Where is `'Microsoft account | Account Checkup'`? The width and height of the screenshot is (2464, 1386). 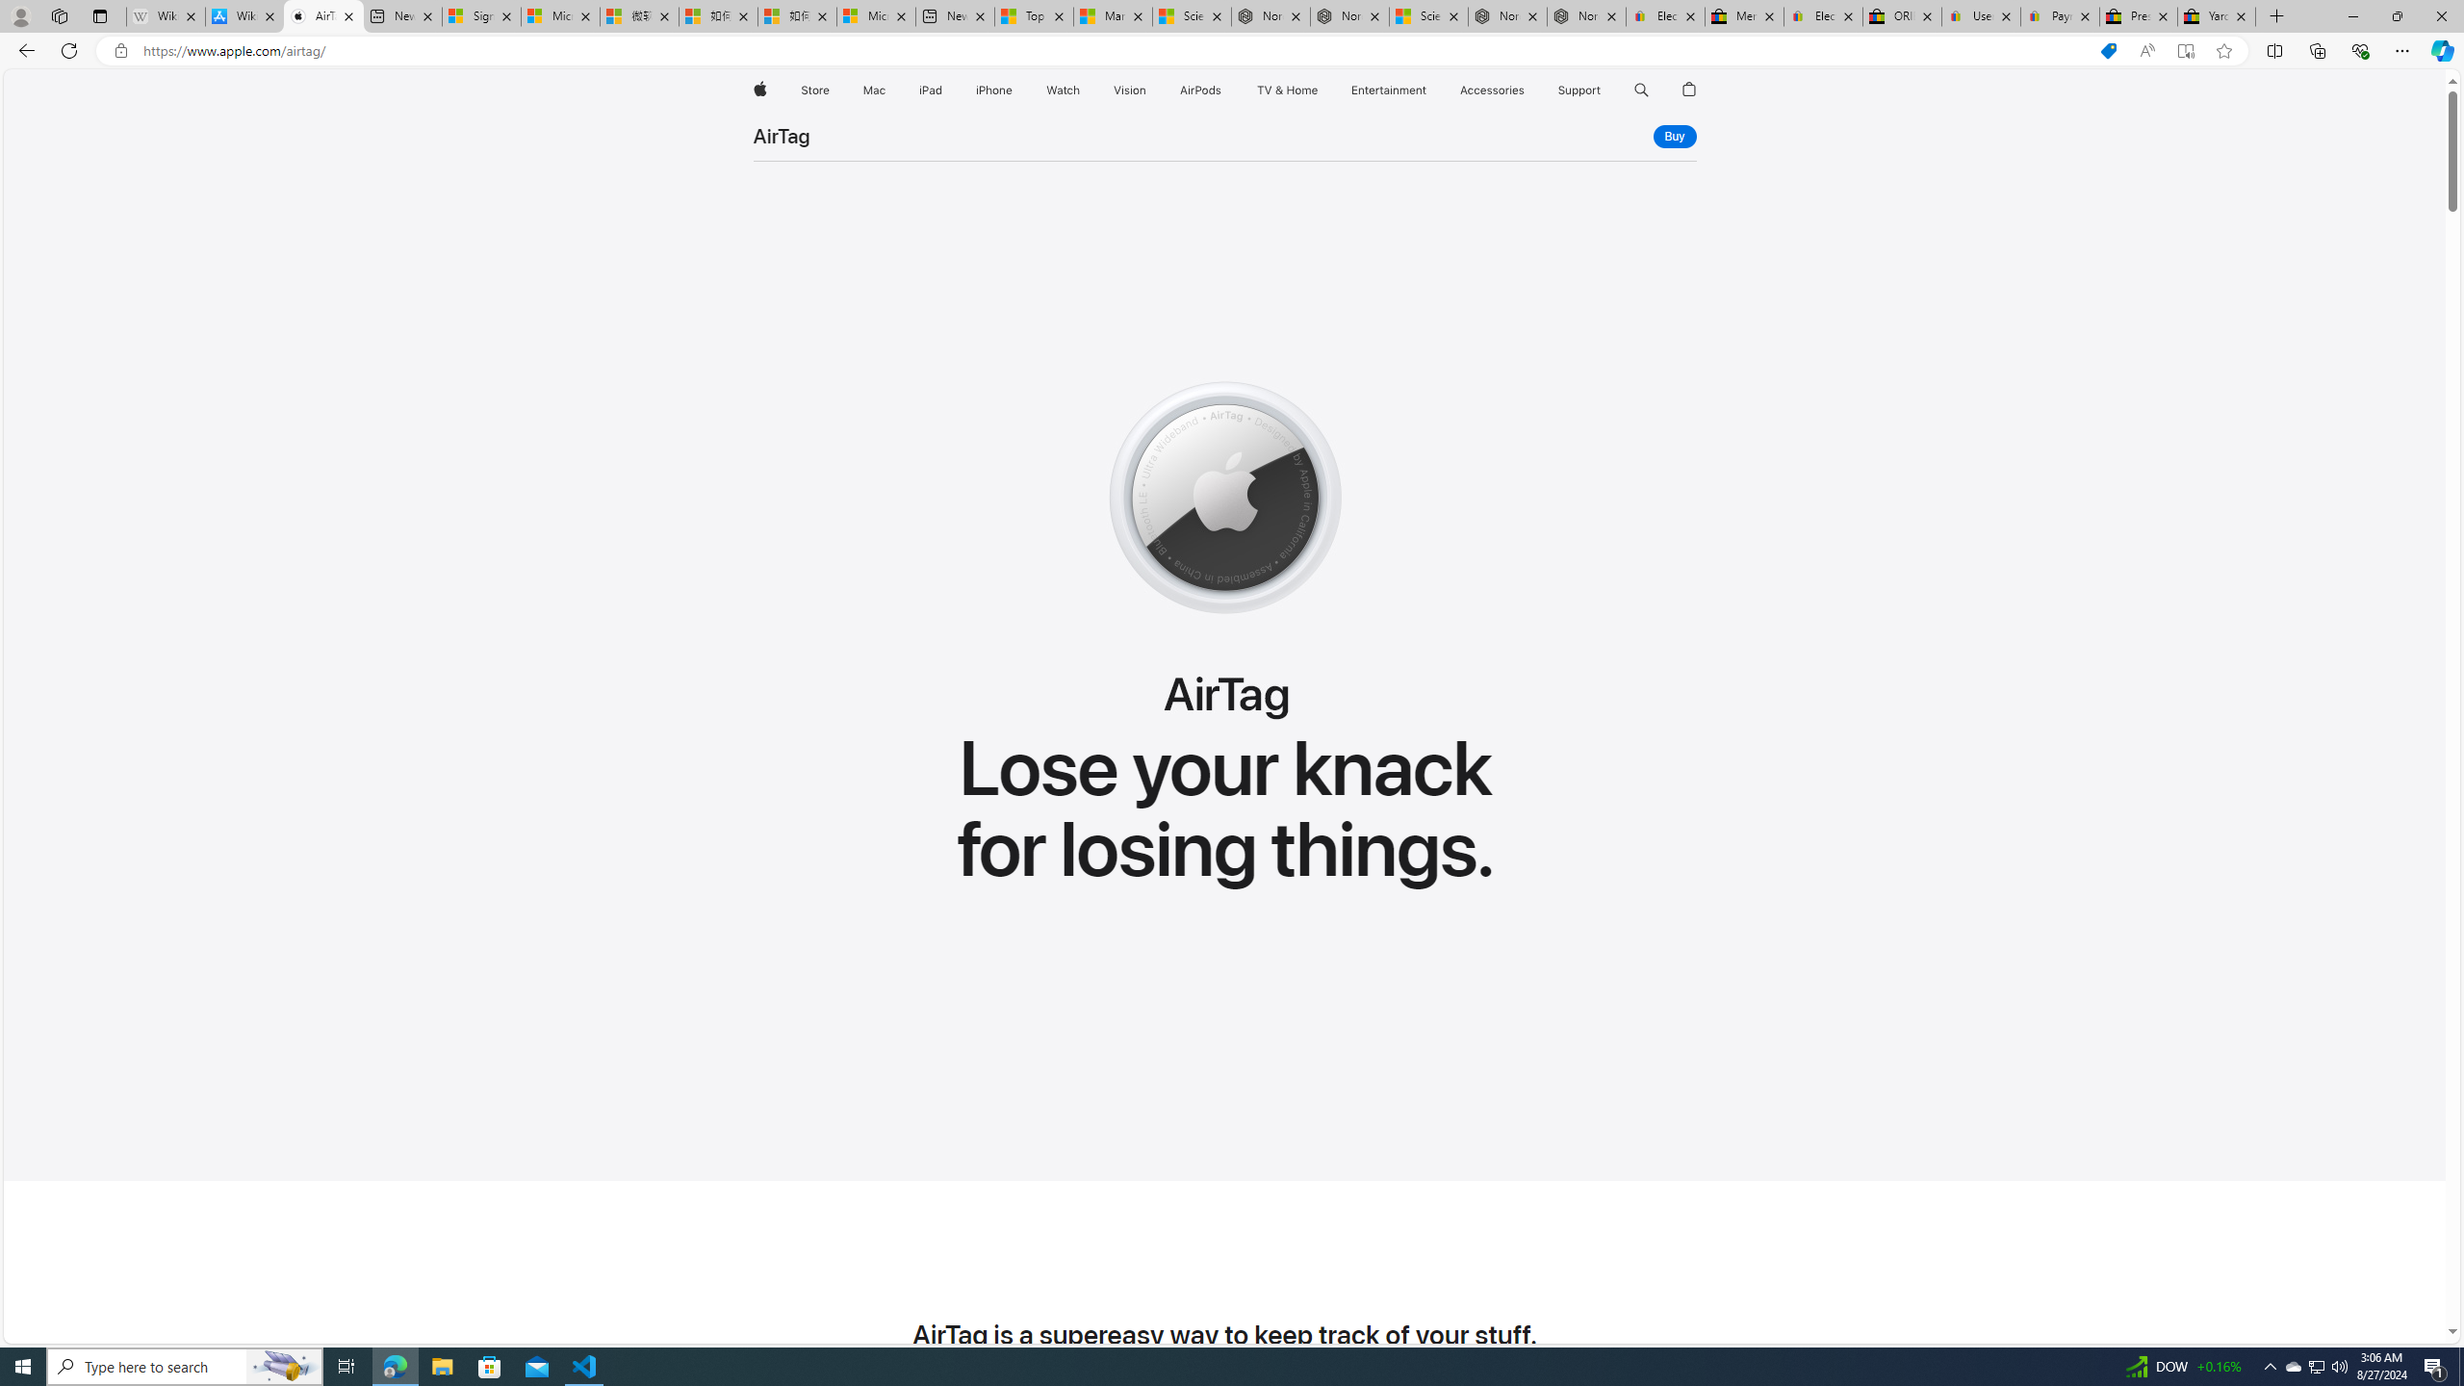
'Microsoft account | Account Checkup' is located at coordinates (875, 15).